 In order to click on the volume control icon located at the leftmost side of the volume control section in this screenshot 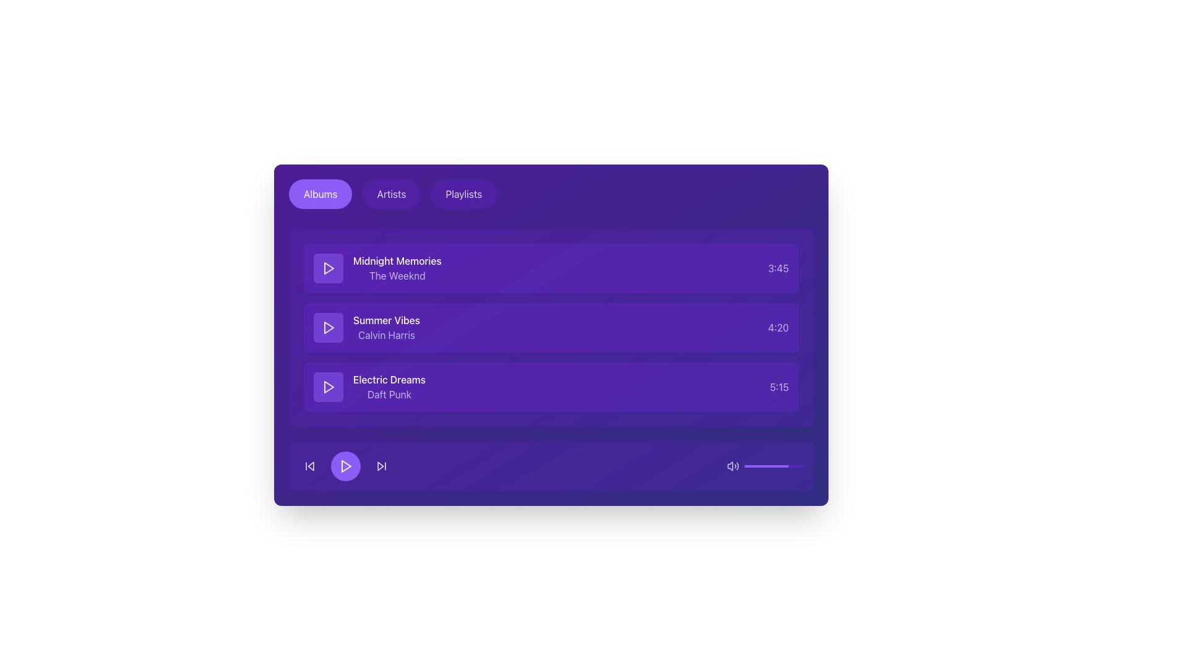, I will do `click(733, 466)`.